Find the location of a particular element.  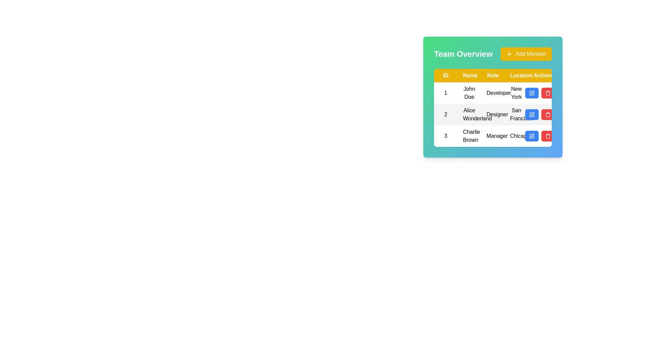

the red delete button with a trash icon located in the 'Actions' column of the first row of the table is located at coordinates (548, 93).